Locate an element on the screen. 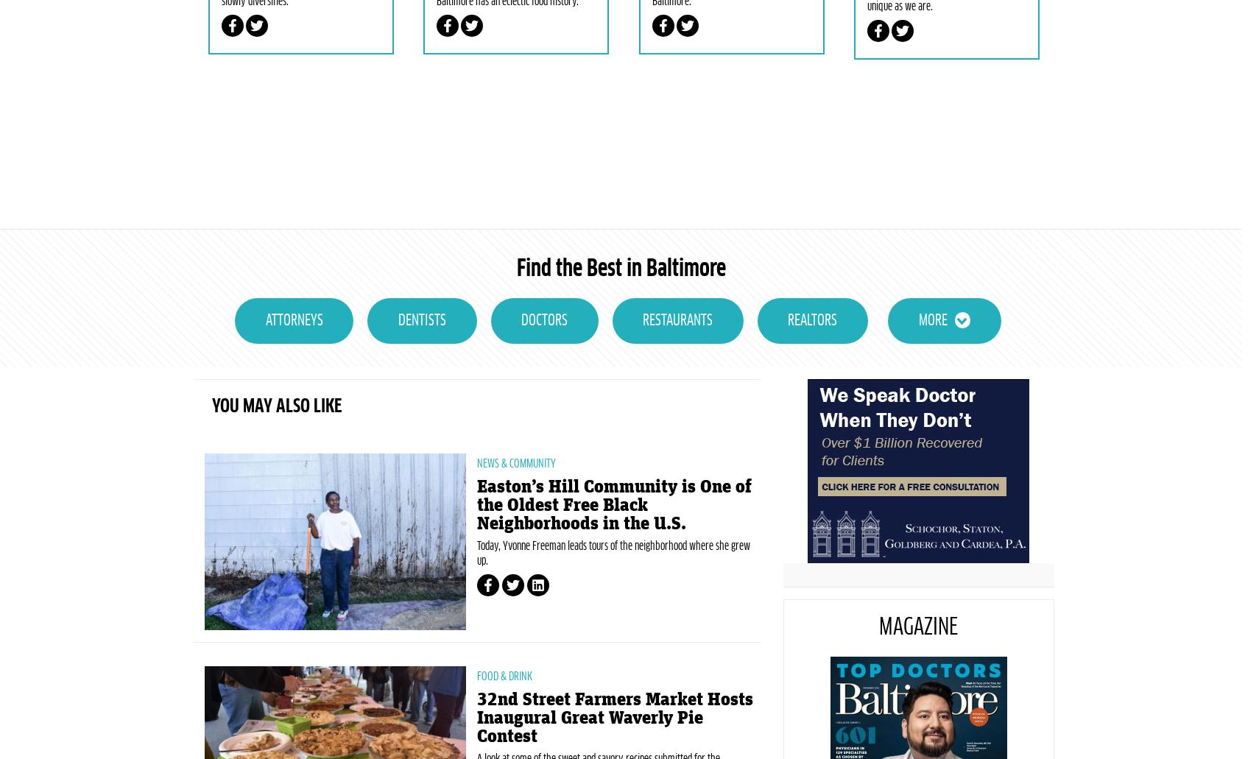 This screenshot has height=759, width=1259. 'Restaurants' is located at coordinates (677, 389).